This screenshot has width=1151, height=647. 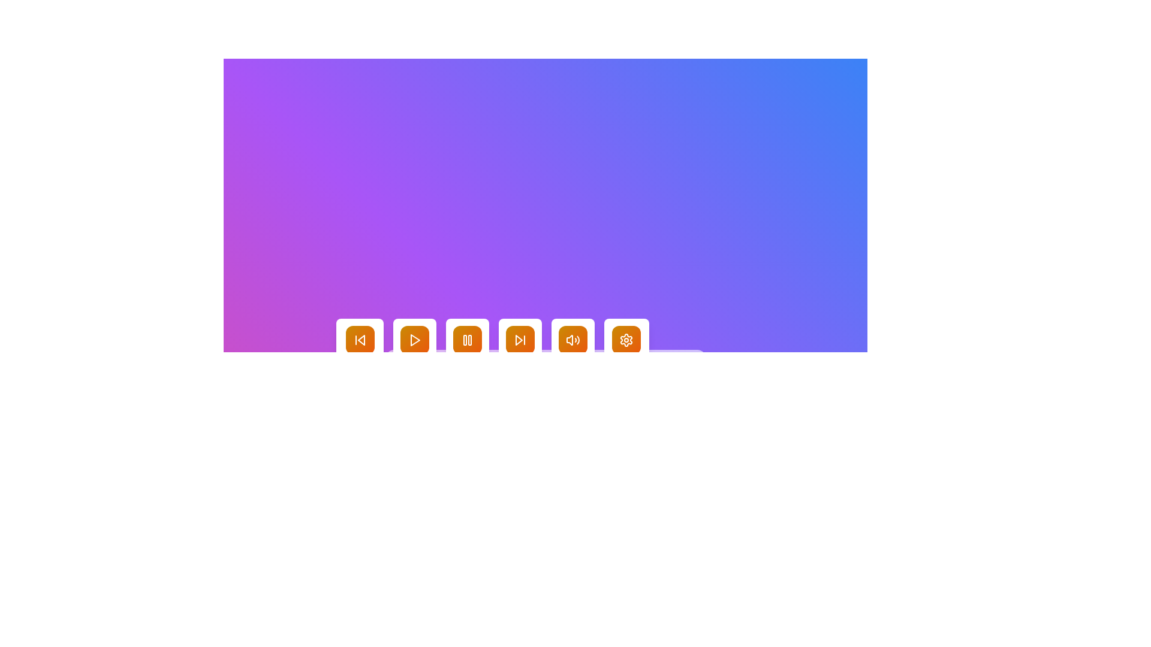 What do you see at coordinates (520, 340) in the screenshot?
I see `the fifth button in the horizontal row of media control icons` at bounding box center [520, 340].